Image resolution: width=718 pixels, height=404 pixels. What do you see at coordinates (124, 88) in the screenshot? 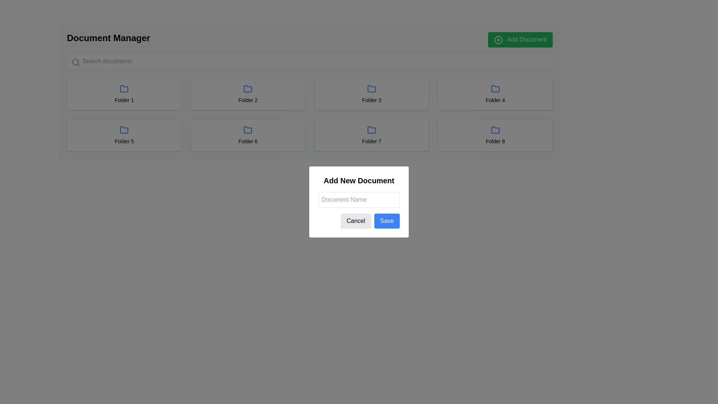
I see `the blue outlined folder icon located in the top-left grid card labeled 'Folder 1'` at bounding box center [124, 88].